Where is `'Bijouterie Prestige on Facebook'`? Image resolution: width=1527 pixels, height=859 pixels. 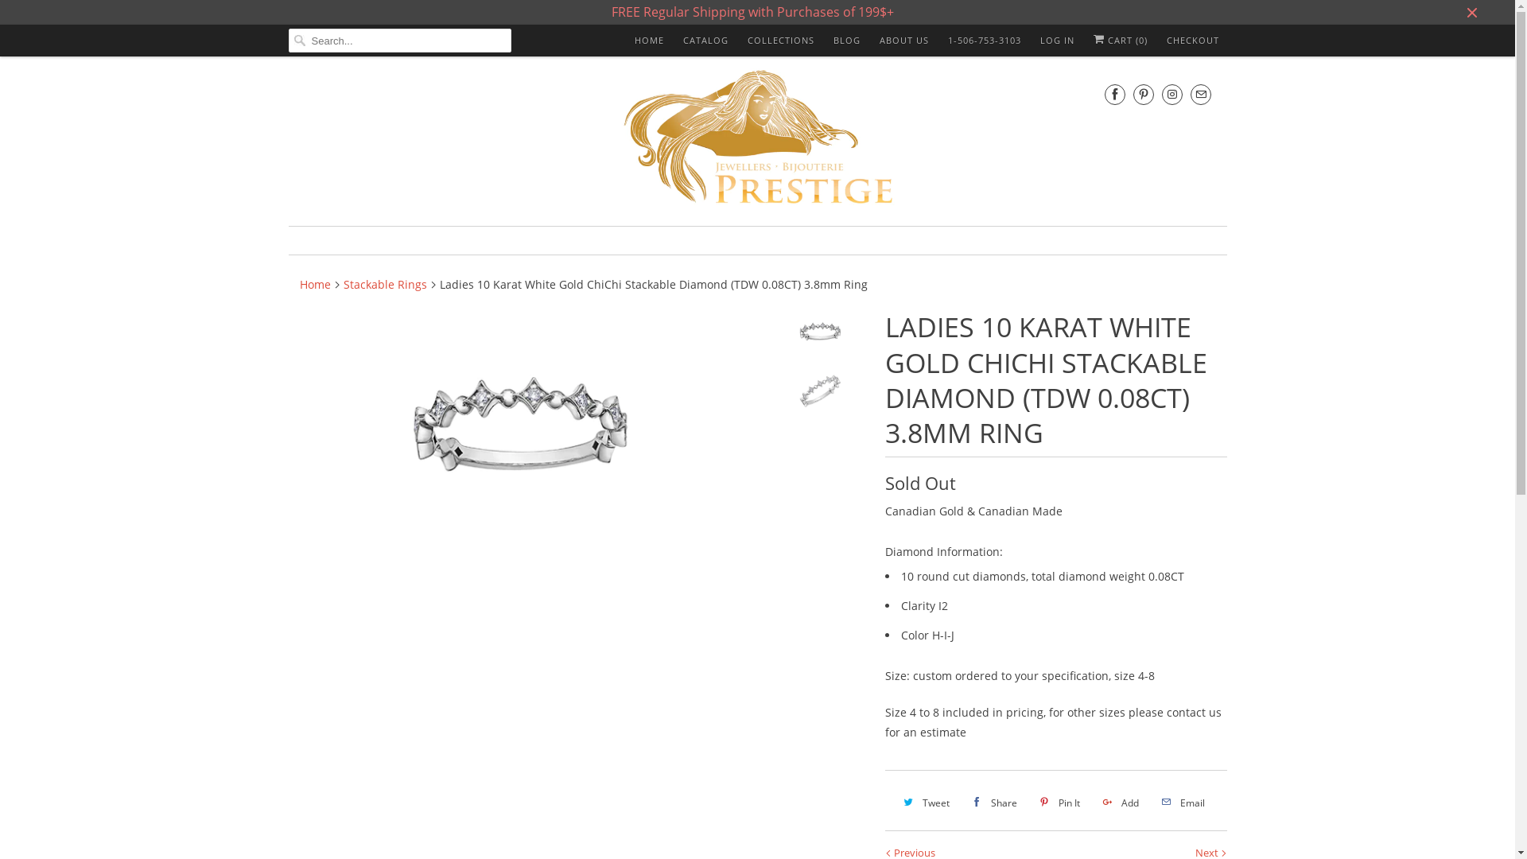 'Bijouterie Prestige on Facebook' is located at coordinates (1102, 94).